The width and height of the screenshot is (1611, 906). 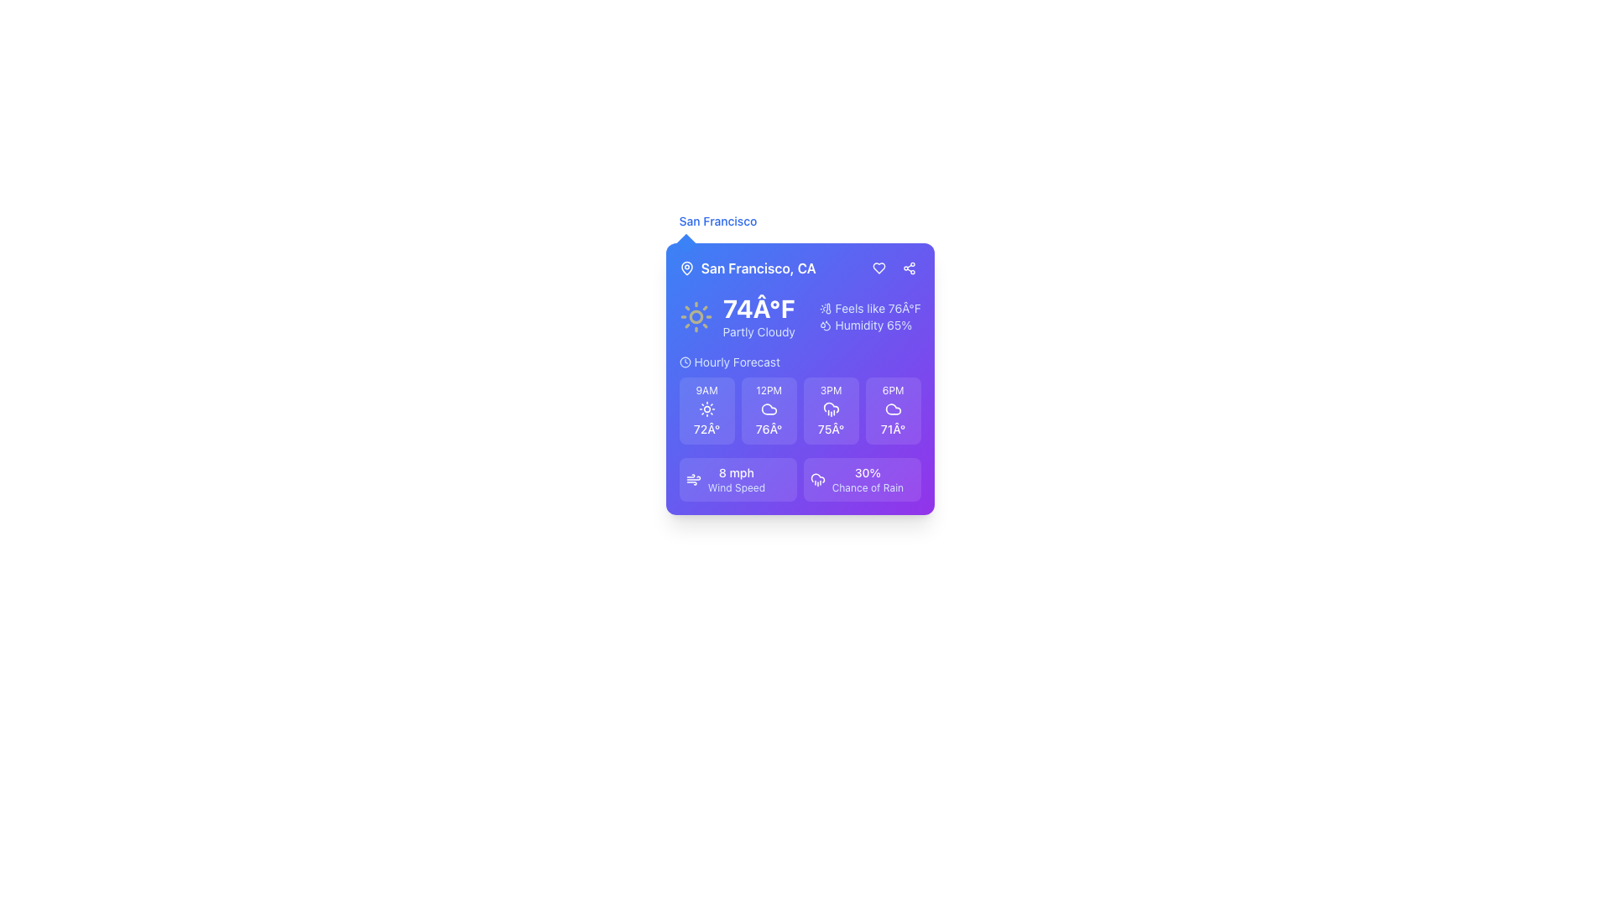 I want to click on wind speed information displayed in the Informational panel located at the bottom of the weather information card, so click(x=799, y=479).